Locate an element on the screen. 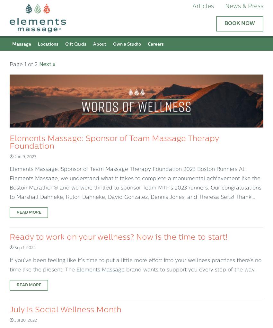 The image size is (273, 328). 'Book Now' is located at coordinates (240, 24).